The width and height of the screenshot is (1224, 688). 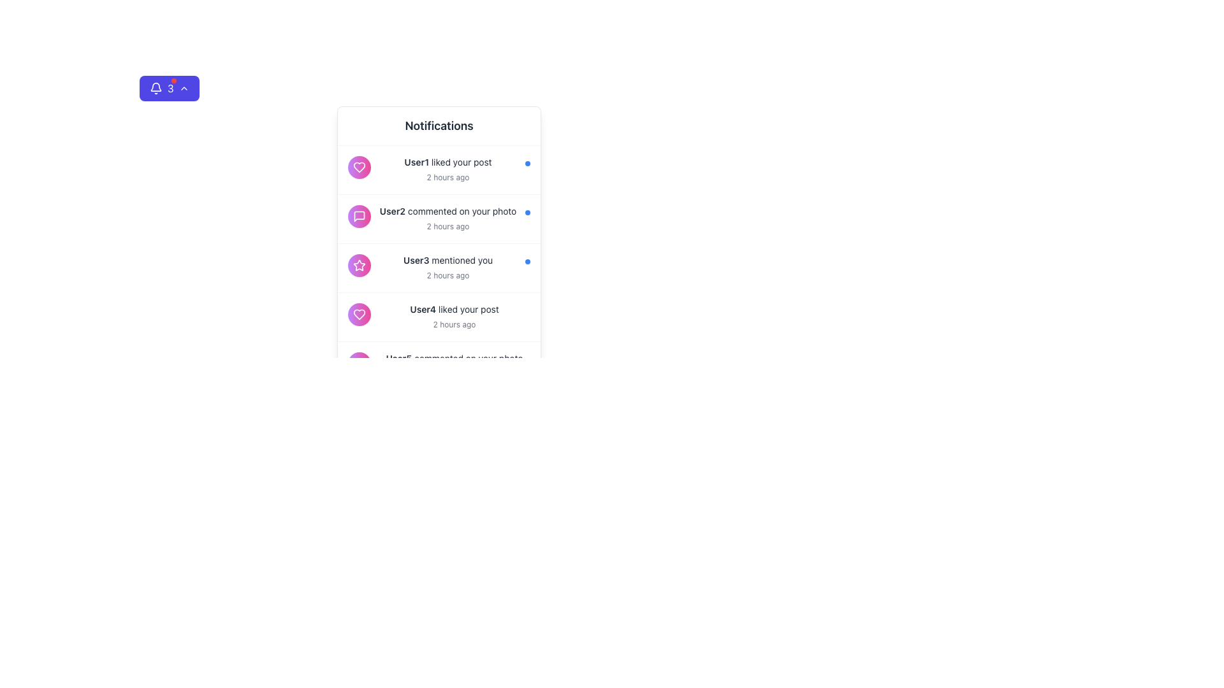 What do you see at coordinates (455, 310) in the screenshot?
I see `the text notification stating 'User4 liked your post'` at bounding box center [455, 310].